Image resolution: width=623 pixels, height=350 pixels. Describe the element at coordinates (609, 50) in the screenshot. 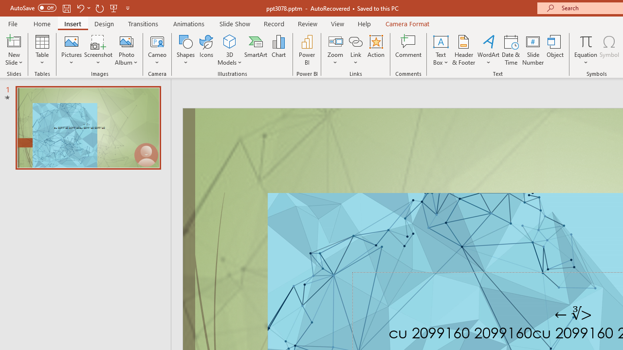

I see `'Symbol...'` at that location.